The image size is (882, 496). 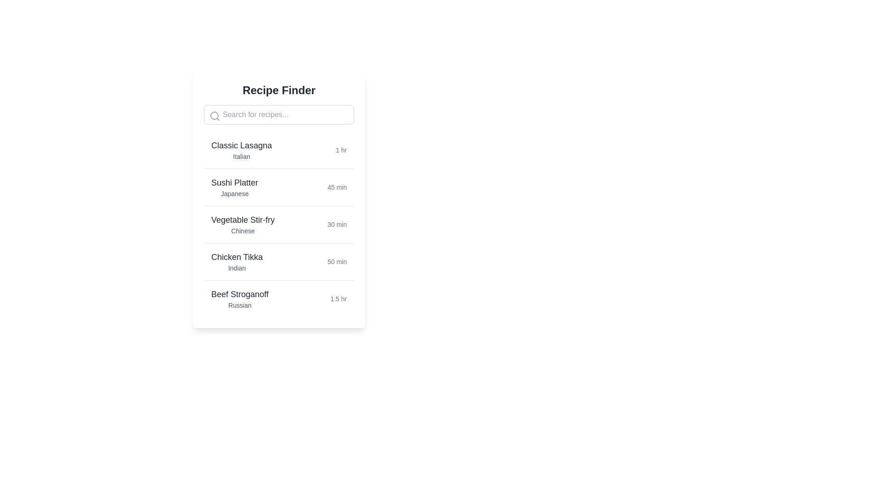 What do you see at coordinates (278, 114) in the screenshot?
I see `the rectangular text input field with a magnifying glass icon that has the placeholder text 'Search for recipes...'` at bounding box center [278, 114].